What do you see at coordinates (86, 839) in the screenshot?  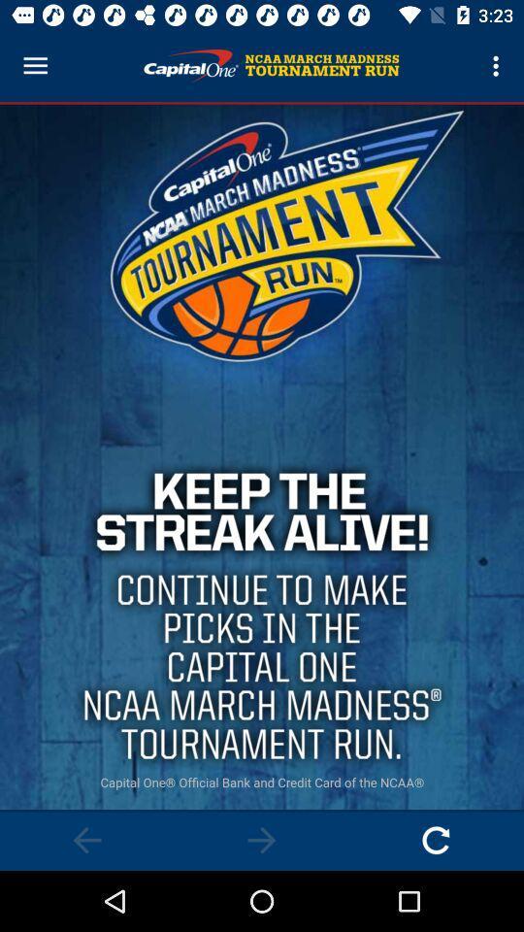 I see `go back` at bounding box center [86, 839].